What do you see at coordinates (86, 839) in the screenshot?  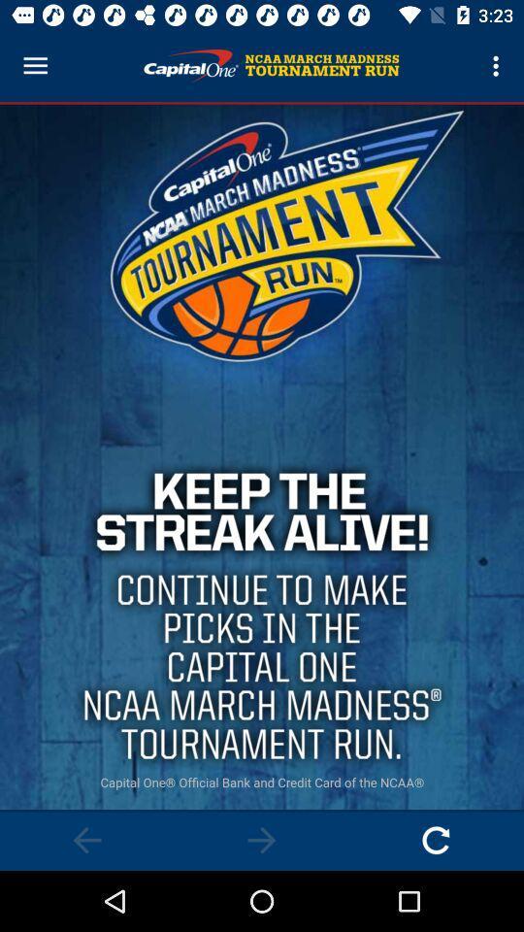 I see `go back` at bounding box center [86, 839].